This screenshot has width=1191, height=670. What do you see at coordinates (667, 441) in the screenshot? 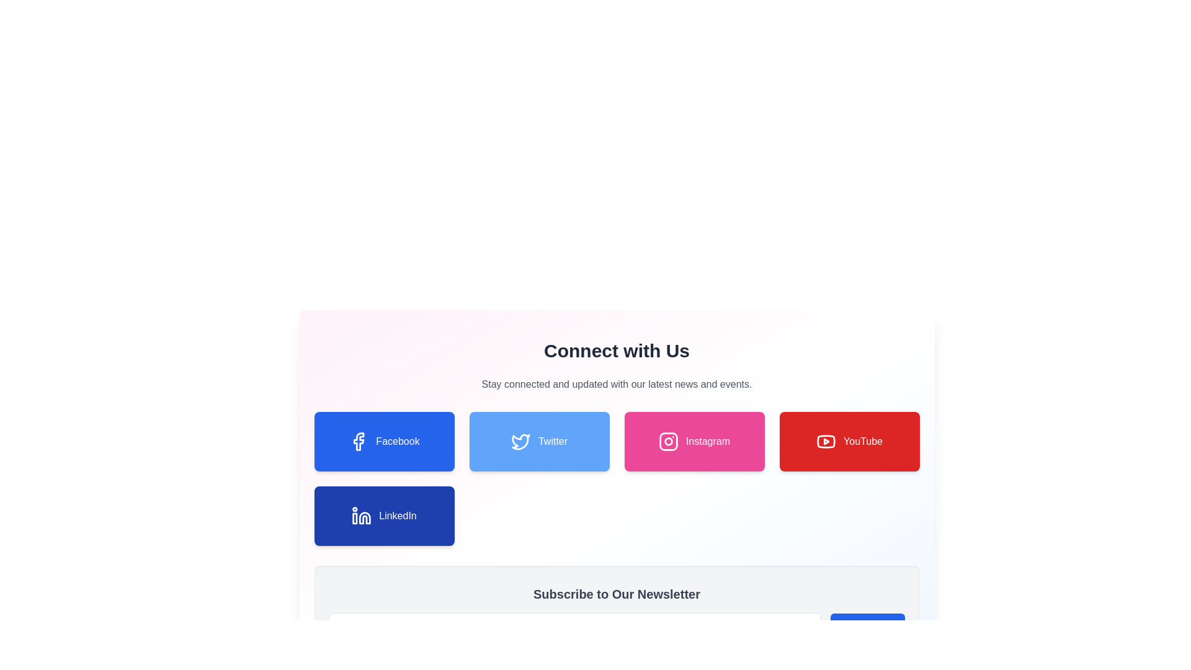
I see `the Instagram SVG icon located third from the left in the row of social media buttons` at bounding box center [667, 441].